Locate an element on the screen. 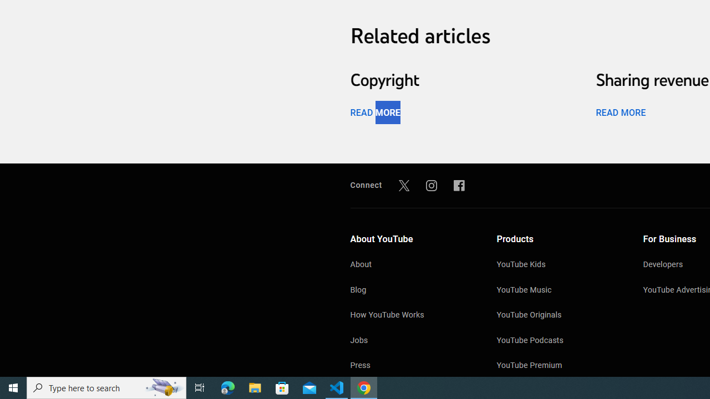  'YouTube Premium' is located at coordinates (559, 366).